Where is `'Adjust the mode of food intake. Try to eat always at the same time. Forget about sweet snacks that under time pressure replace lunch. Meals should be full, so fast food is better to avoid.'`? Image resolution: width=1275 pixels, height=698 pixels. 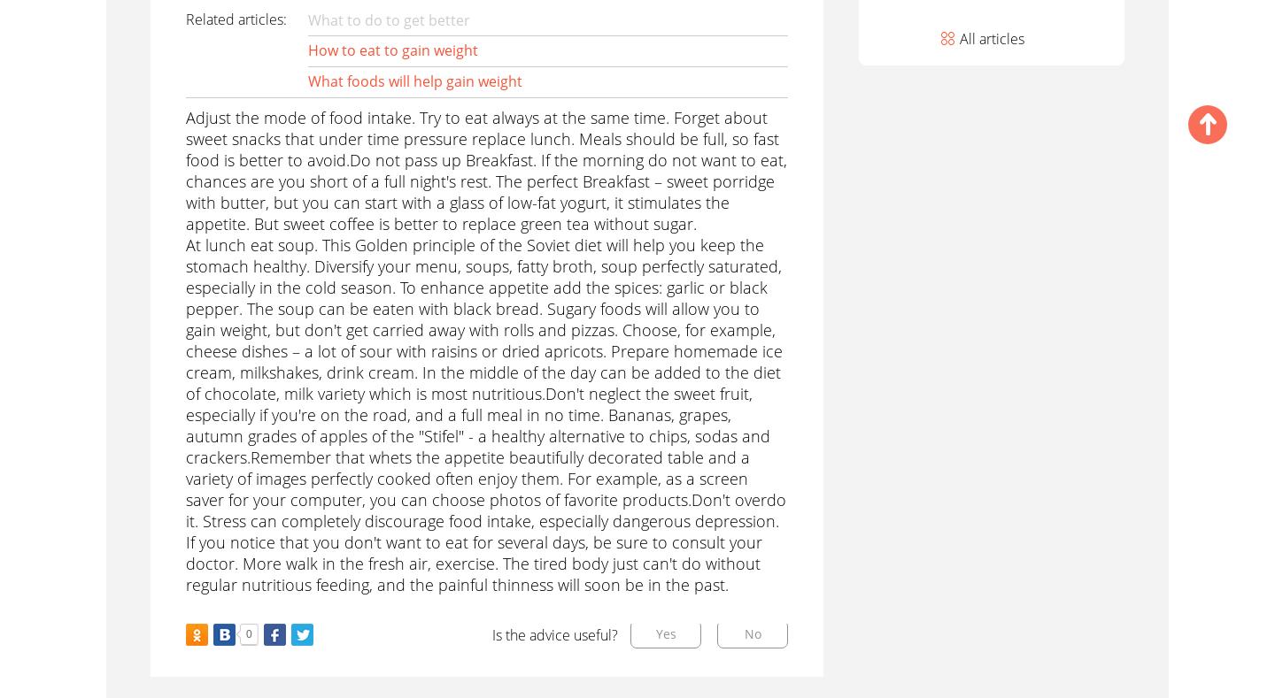 'Adjust the mode of food intake. Try to eat always at the same time. Forget about sweet snacks that under time pressure replace lunch. Meals should be full, so fast food is better to avoid.' is located at coordinates (482, 139).